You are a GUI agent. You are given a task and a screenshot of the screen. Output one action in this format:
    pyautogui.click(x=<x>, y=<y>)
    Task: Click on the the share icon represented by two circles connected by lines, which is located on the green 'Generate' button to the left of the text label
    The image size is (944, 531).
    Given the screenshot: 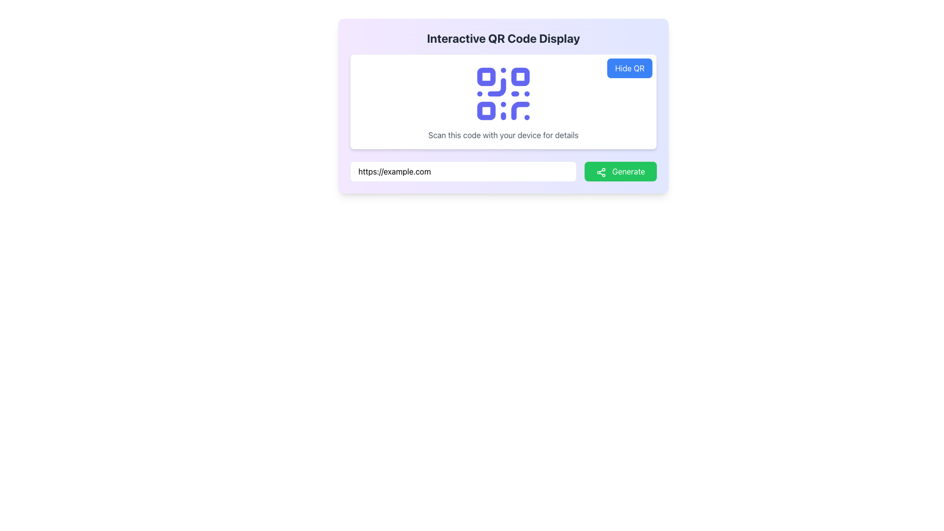 What is the action you would take?
    pyautogui.click(x=601, y=172)
    